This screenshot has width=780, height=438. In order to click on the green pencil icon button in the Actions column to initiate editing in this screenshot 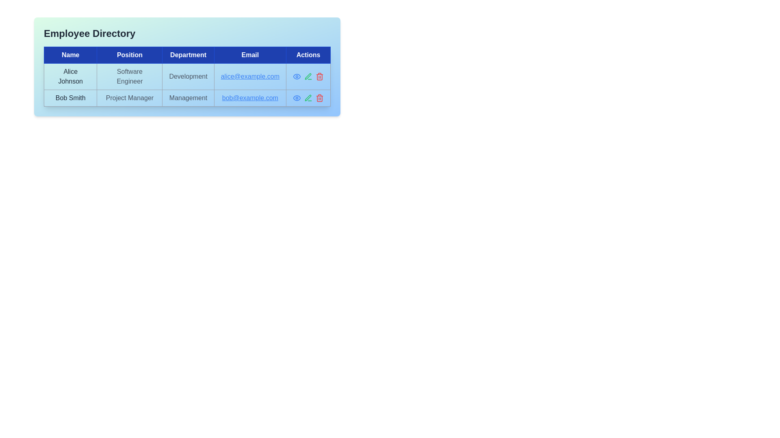, I will do `click(308, 98)`.